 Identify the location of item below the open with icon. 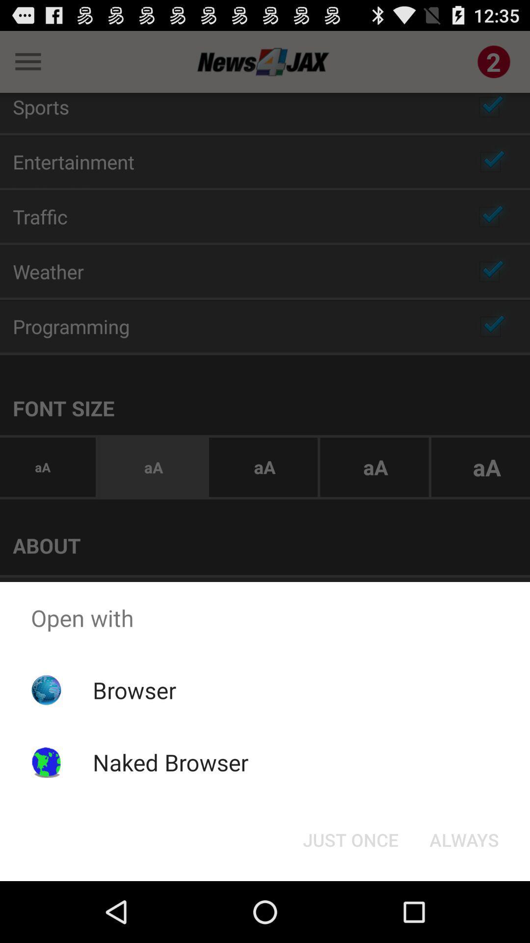
(350, 839).